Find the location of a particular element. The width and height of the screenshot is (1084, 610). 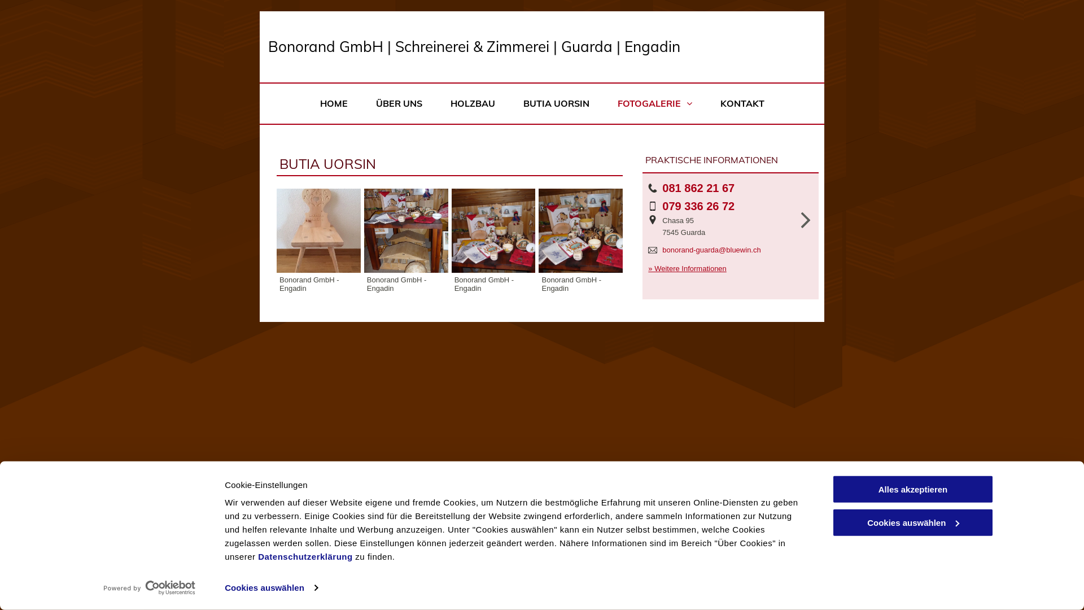

'bonorand-guarda@bluewin.ch' is located at coordinates (662, 249).